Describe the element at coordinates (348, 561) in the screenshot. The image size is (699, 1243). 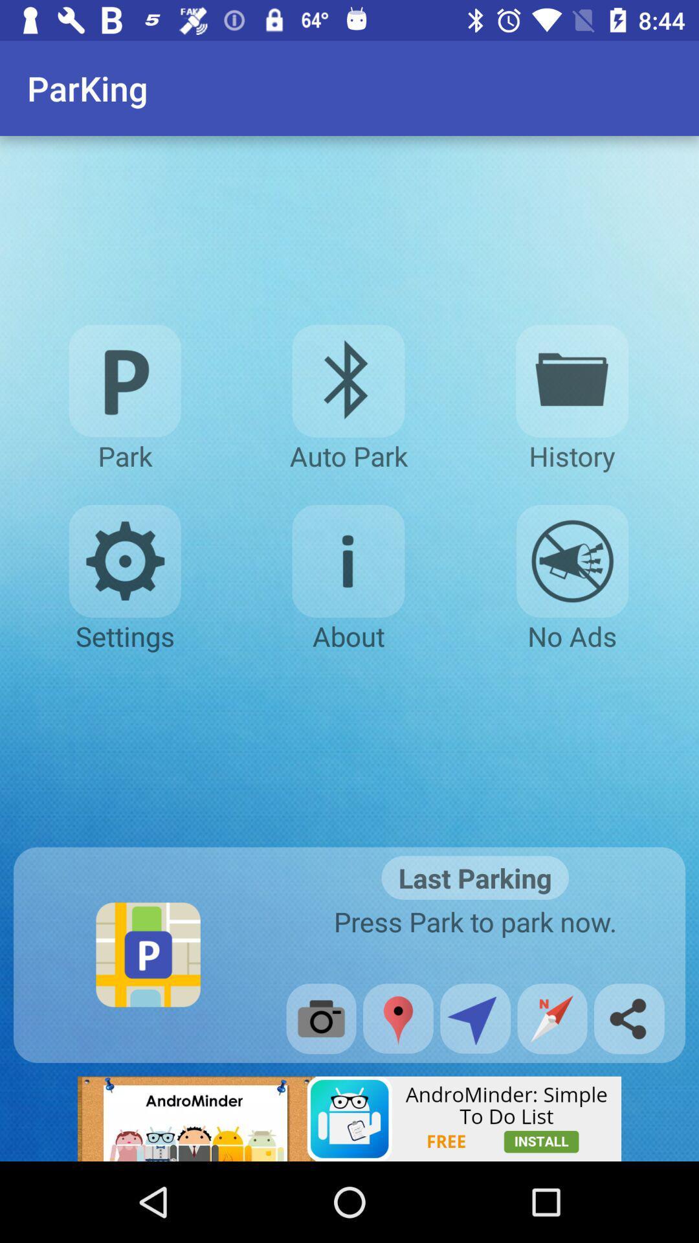
I see `tells information` at that location.